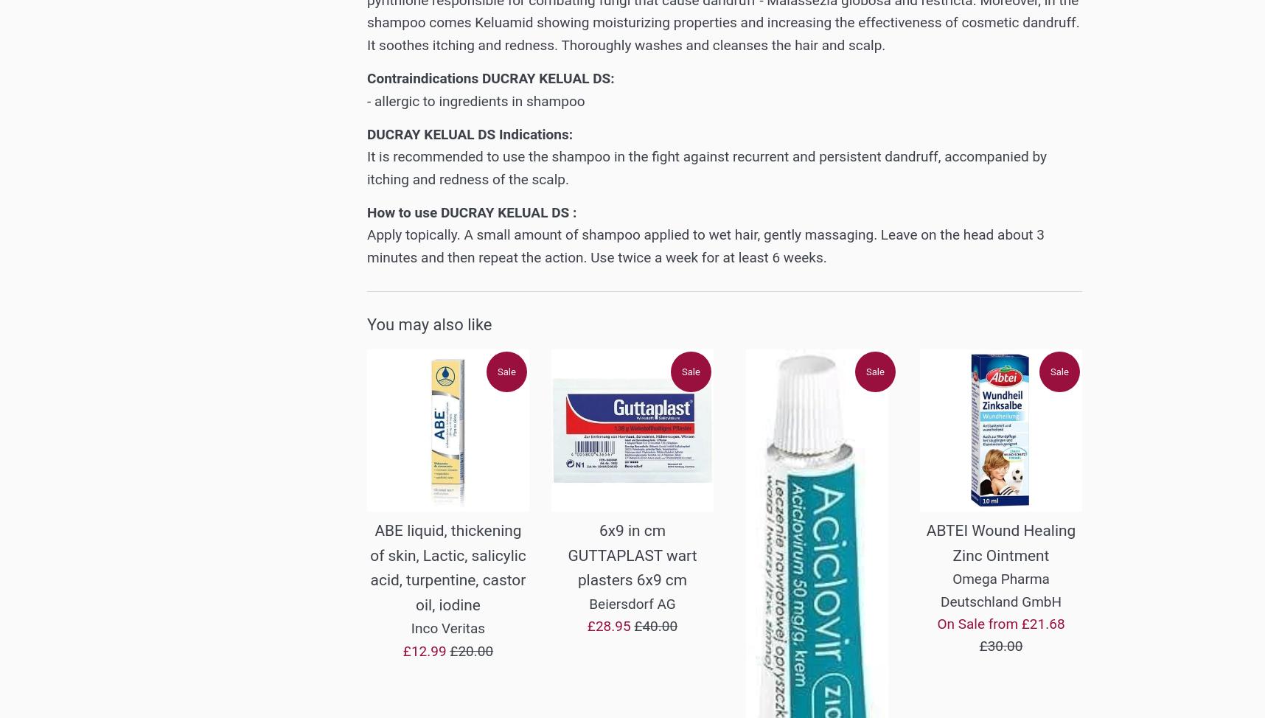 This screenshot has height=718, width=1265. I want to click on 'Beiersdorf AG', so click(588, 603).